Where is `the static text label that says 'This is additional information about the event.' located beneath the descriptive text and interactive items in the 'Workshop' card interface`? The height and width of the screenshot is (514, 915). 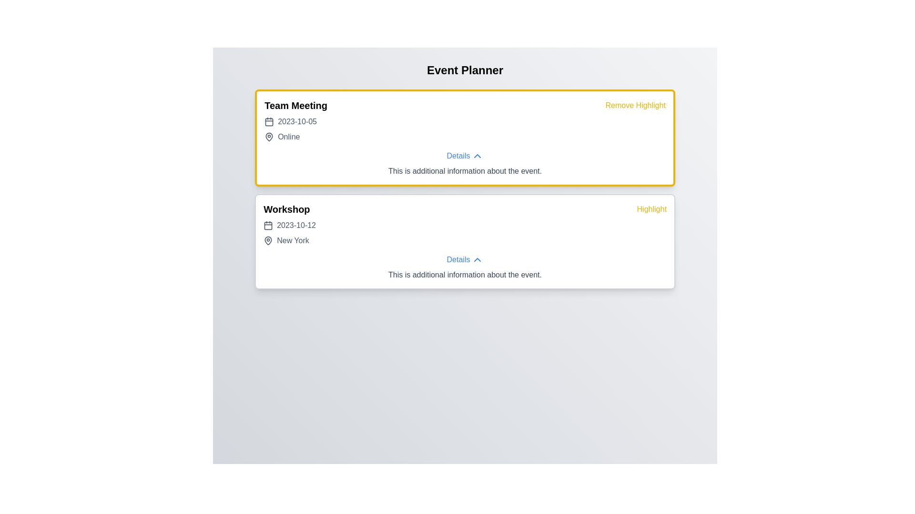 the static text label that says 'This is additional information about the event.' located beneath the descriptive text and interactive items in the 'Workshop' card interface is located at coordinates (465, 275).